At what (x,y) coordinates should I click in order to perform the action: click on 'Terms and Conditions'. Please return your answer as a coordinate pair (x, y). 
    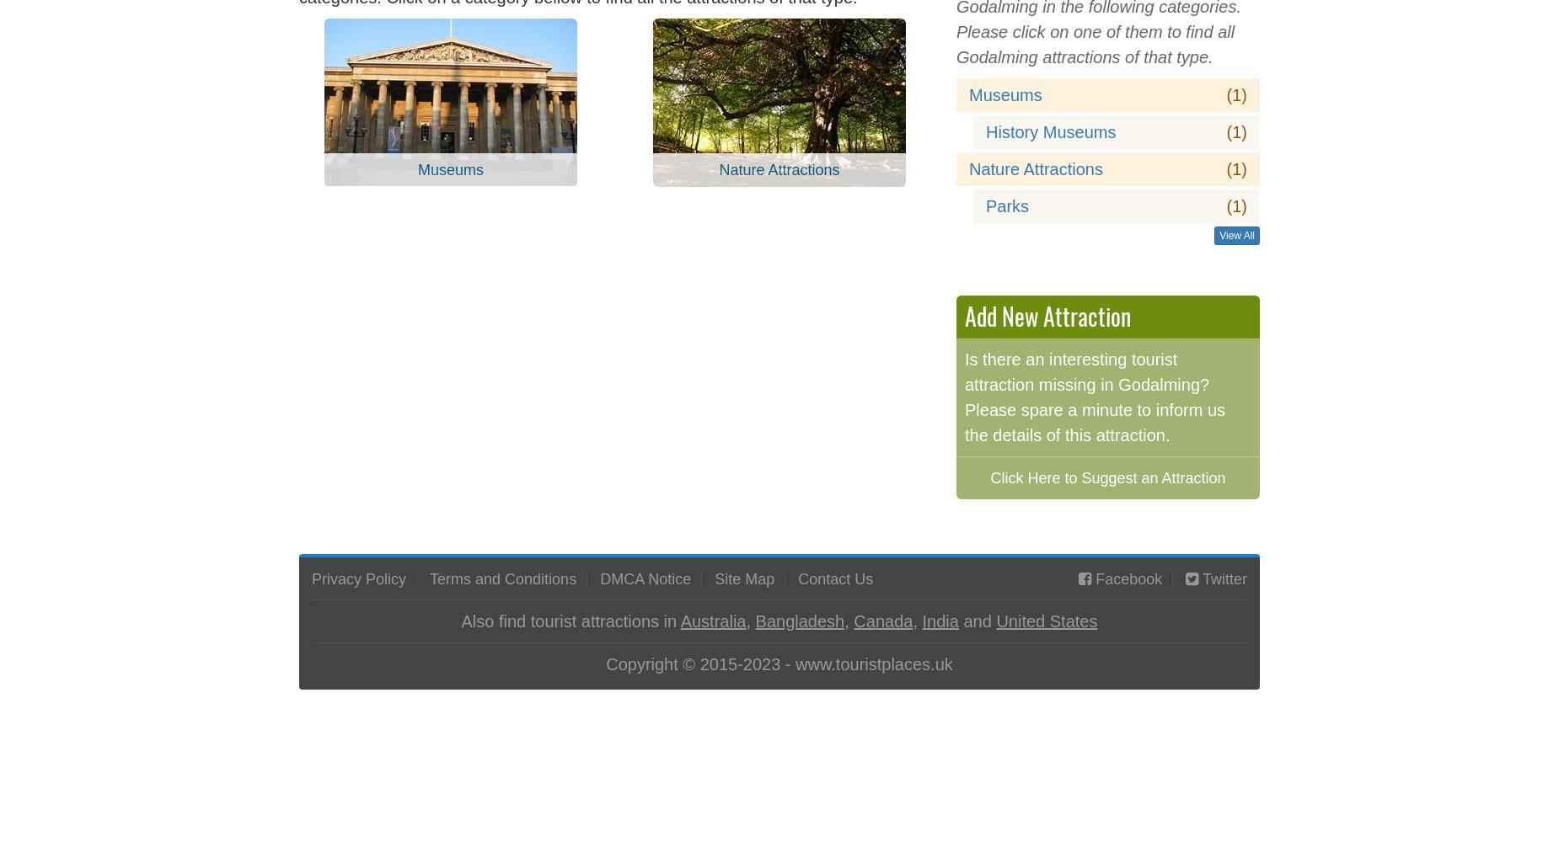
    Looking at the image, I should click on (430, 578).